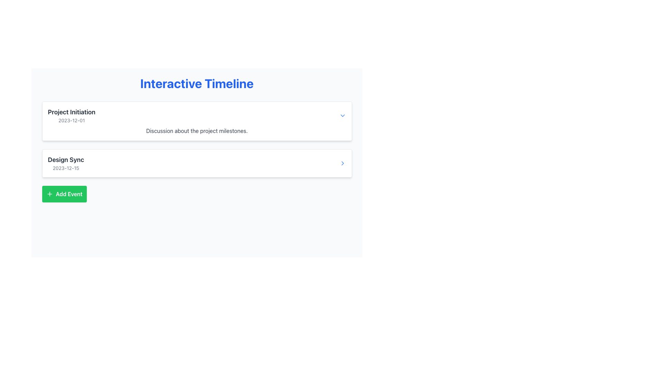 The height and width of the screenshot is (373, 664). I want to click on the SVG icon used for navigation within the 'Design Sync' expandable item in the timeline interface, so click(342, 163).